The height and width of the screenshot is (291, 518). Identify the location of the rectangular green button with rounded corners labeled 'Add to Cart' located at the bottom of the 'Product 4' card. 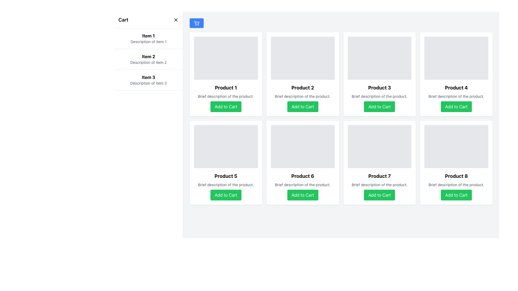
(456, 107).